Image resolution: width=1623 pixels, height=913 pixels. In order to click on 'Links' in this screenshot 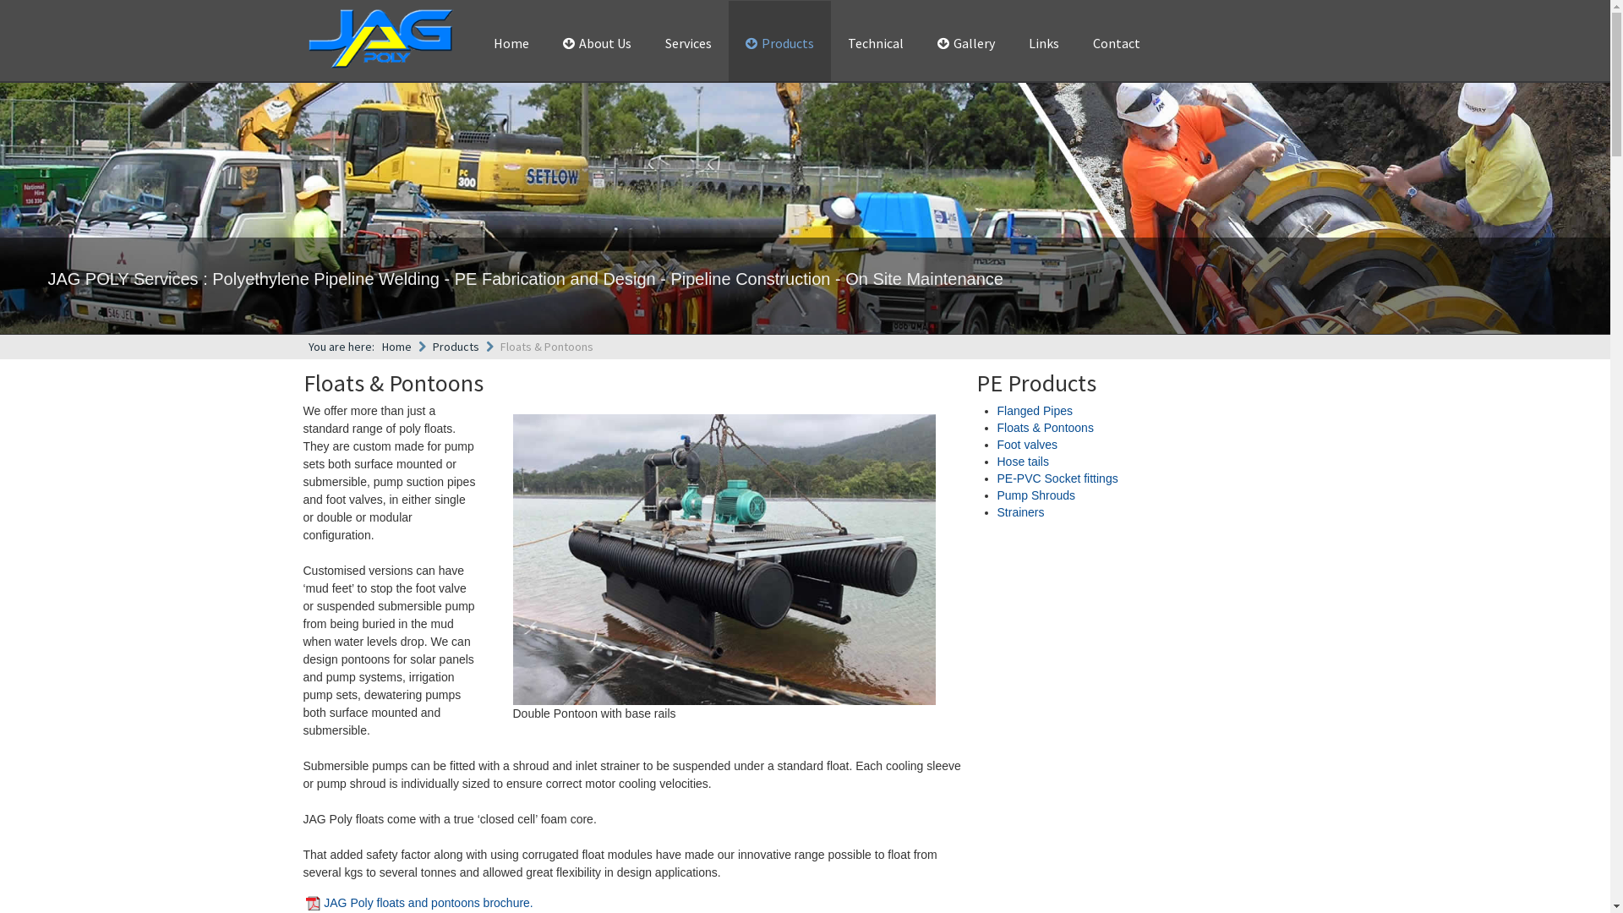, I will do `click(1018, 42)`.